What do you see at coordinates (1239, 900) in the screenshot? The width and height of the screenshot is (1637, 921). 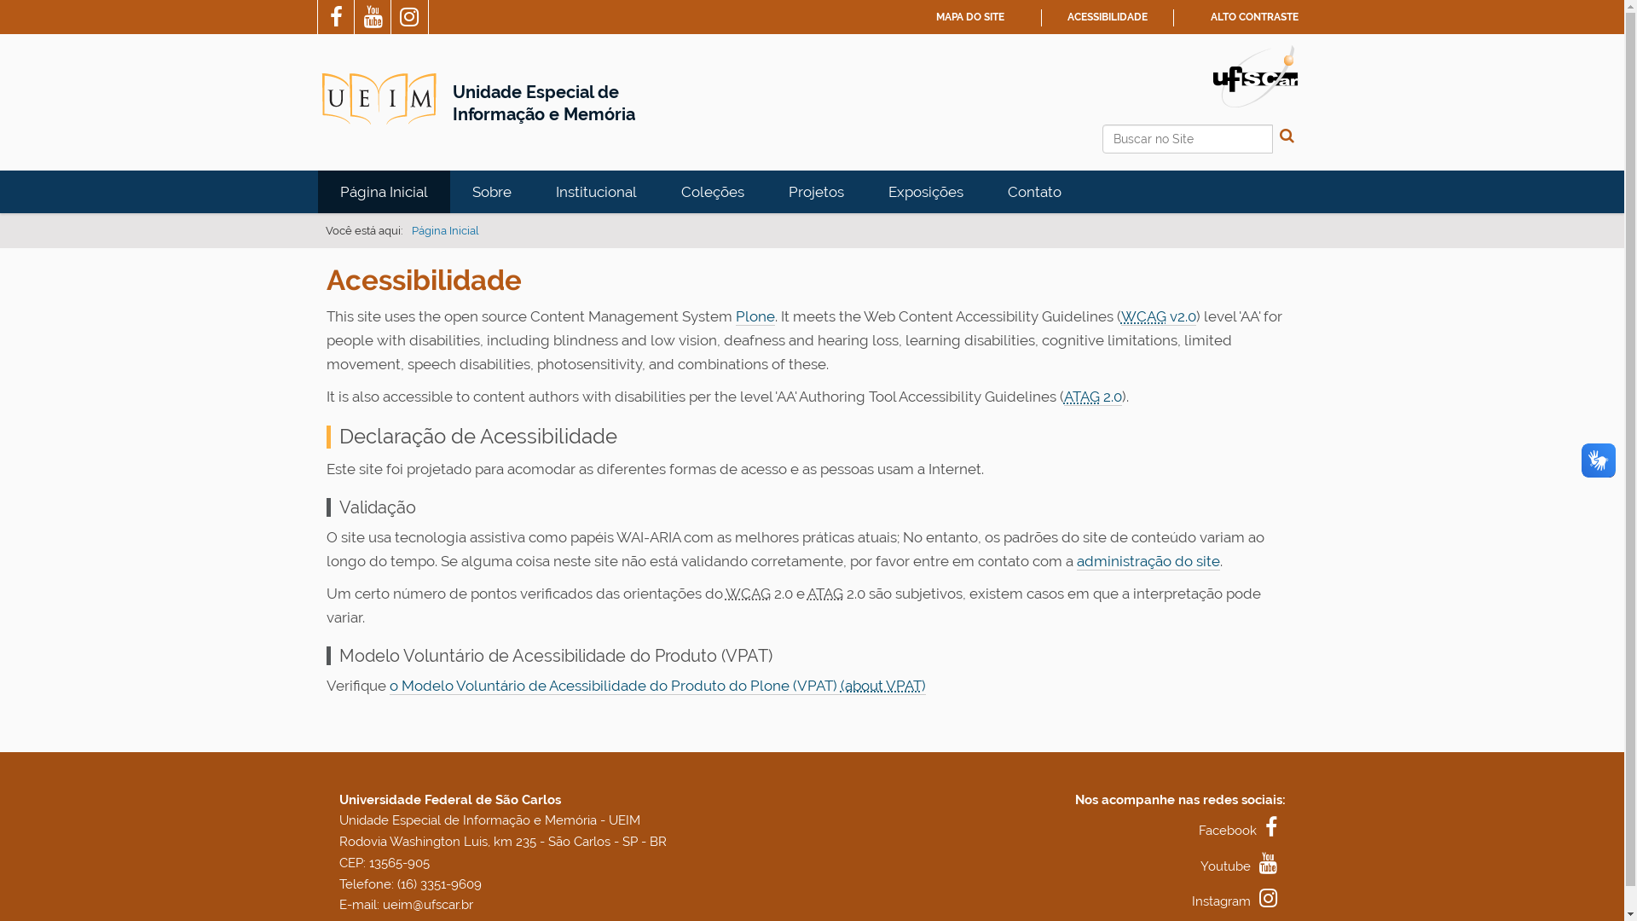 I see `'Instagram'` at bounding box center [1239, 900].